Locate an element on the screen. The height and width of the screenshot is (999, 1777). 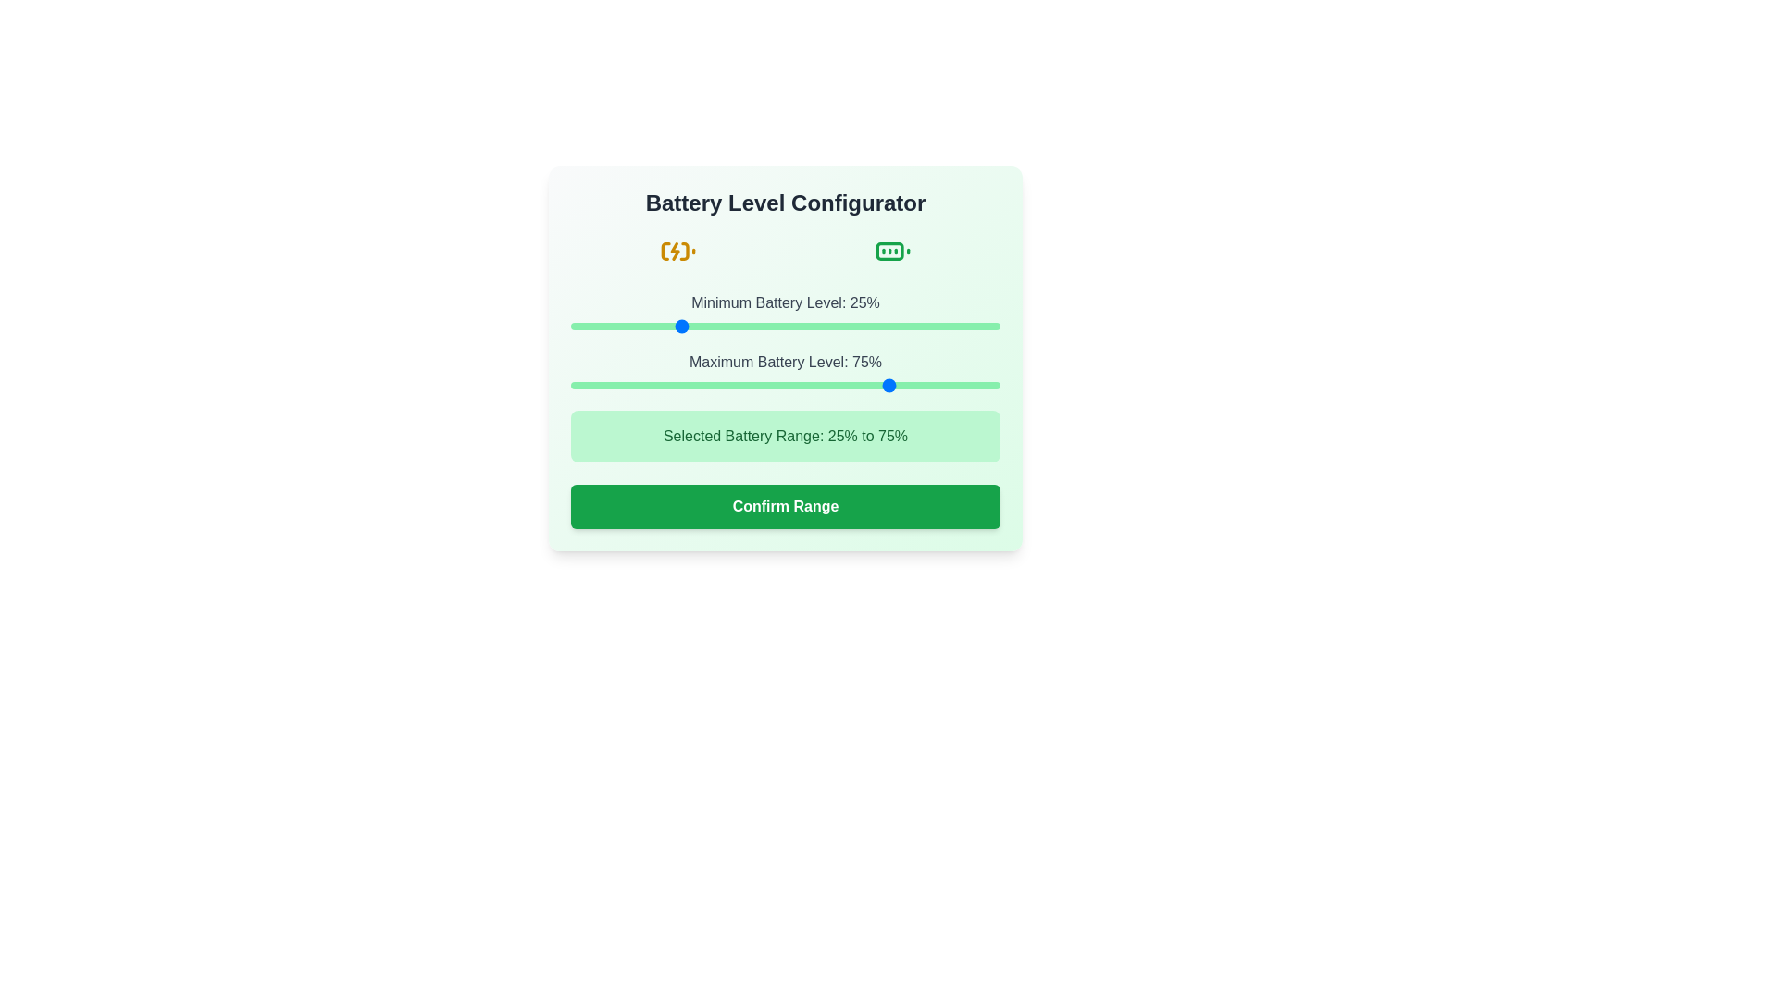
the horizontal slider labeled 'Minimum Battery Level: 25%' to interact for specific feedback is located at coordinates (786, 313).